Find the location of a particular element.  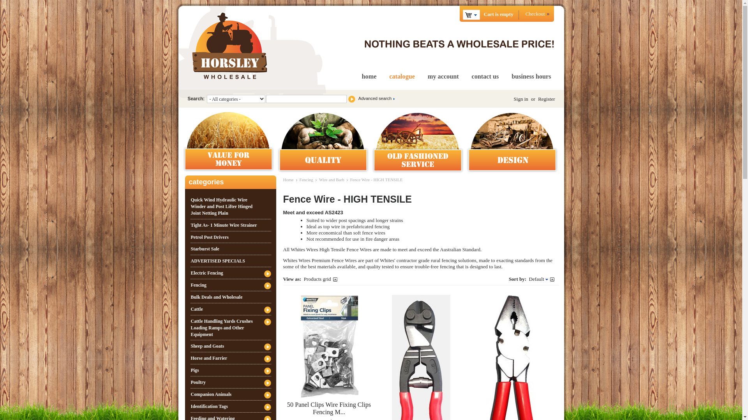

'Petrol Post Drivers' is located at coordinates (190, 236).